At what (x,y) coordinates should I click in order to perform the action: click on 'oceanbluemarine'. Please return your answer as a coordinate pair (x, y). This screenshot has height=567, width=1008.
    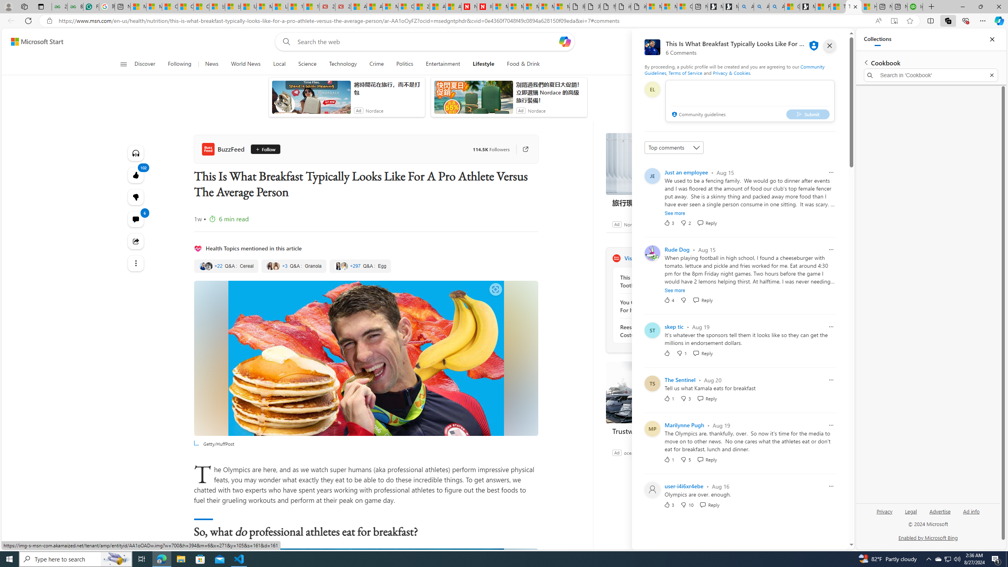
    Looking at the image, I should click on (642, 452).